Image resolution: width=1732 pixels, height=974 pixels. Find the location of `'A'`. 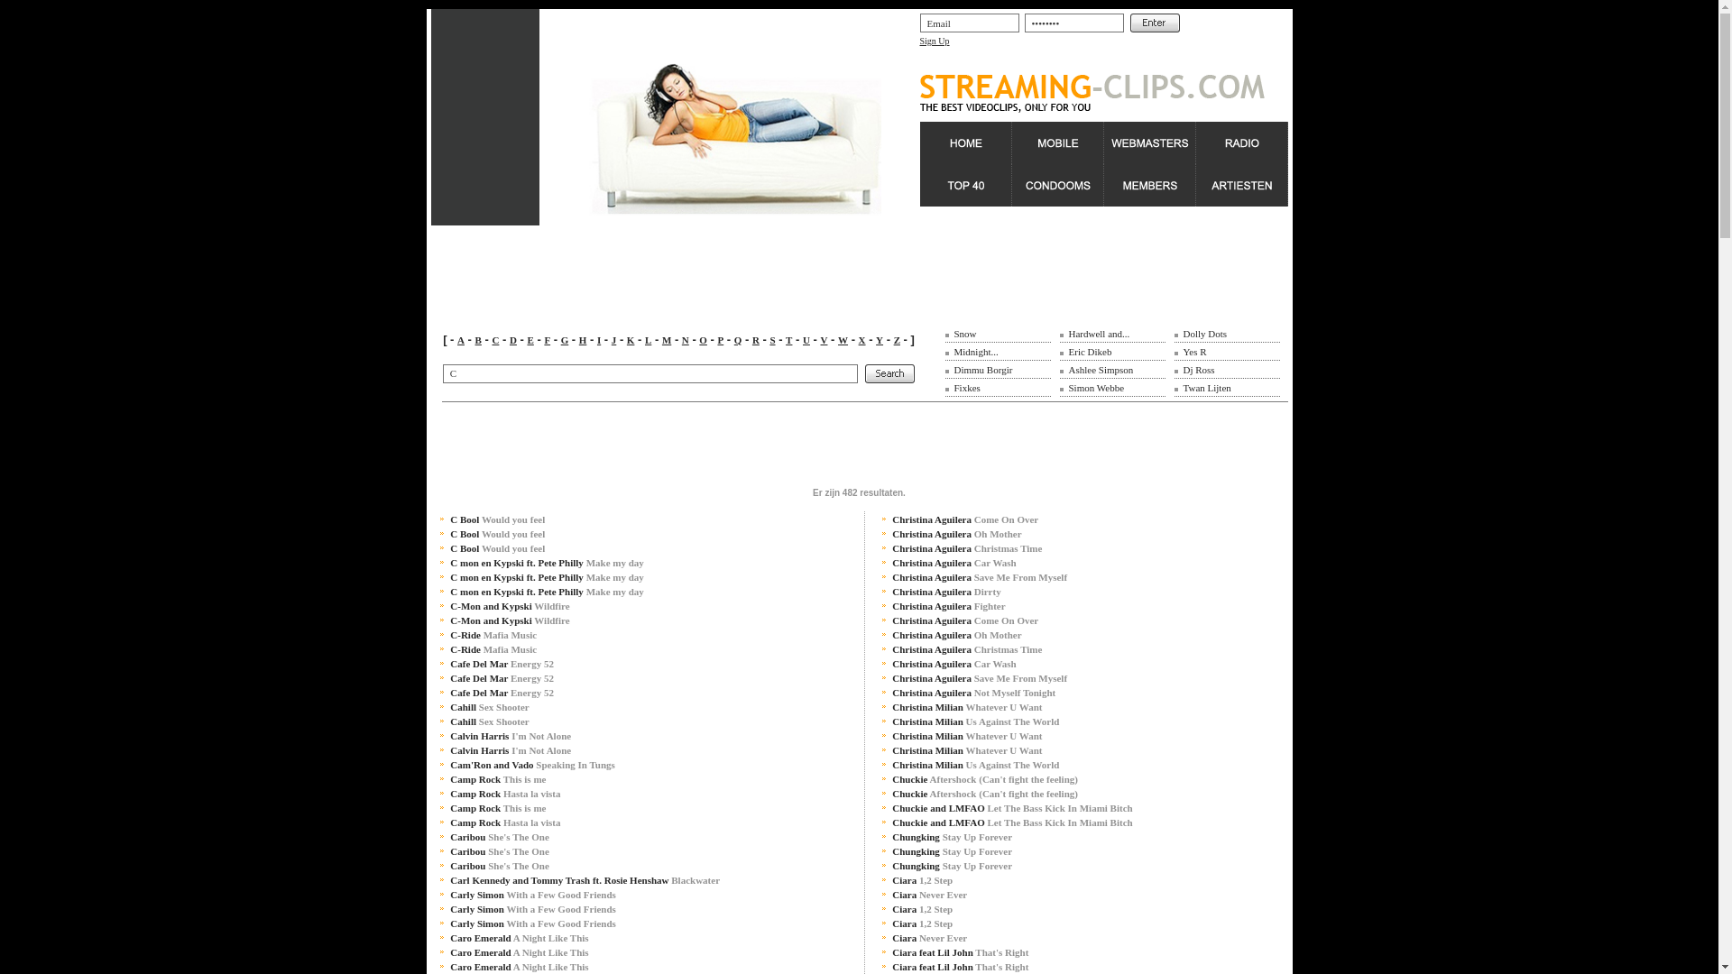

'A' is located at coordinates (460, 340).